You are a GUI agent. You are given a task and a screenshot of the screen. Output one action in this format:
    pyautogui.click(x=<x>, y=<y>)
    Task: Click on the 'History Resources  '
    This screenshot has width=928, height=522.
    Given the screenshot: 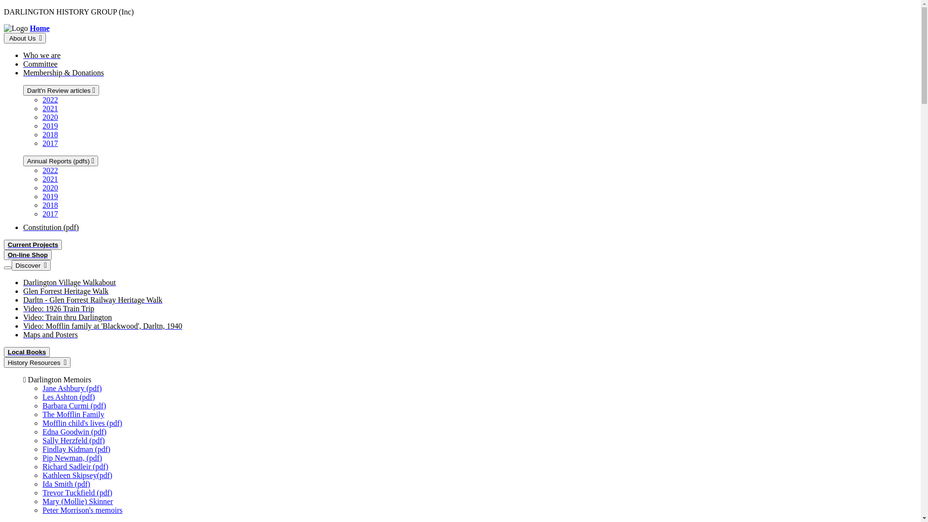 What is the action you would take?
    pyautogui.click(x=4, y=362)
    